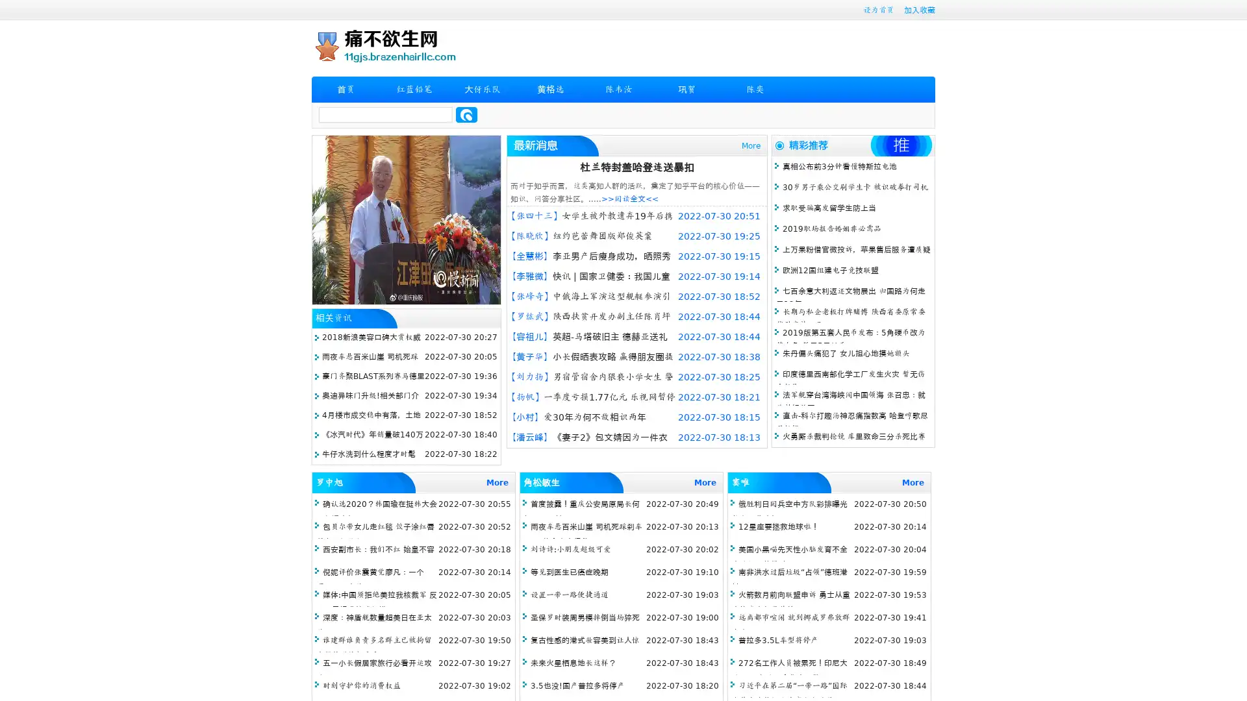 The width and height of the screenshot is (1247, 701). I want to click on Search, so click(466, 114).